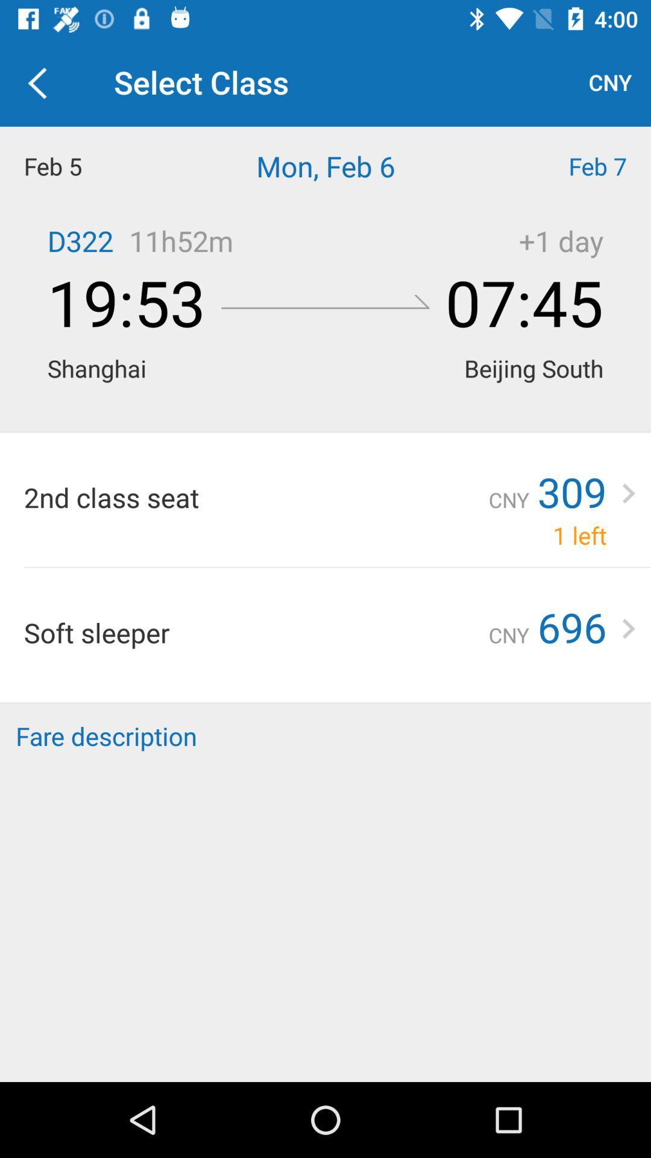 The height and width of the screenshot is (1158, 651). What do you see at coordinates (325, 165) in the screenshot?
I see `the icon to the right of the feb 5 icon` at bounding box center [325, 165].